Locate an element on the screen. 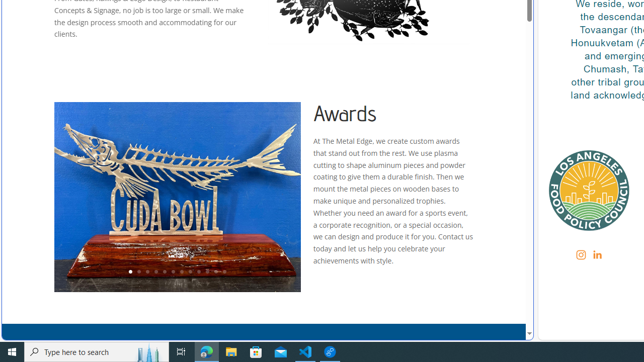 Image resolution: width=644 pixels, height=362 pixels. '12' is located at coordinates (224, 272).